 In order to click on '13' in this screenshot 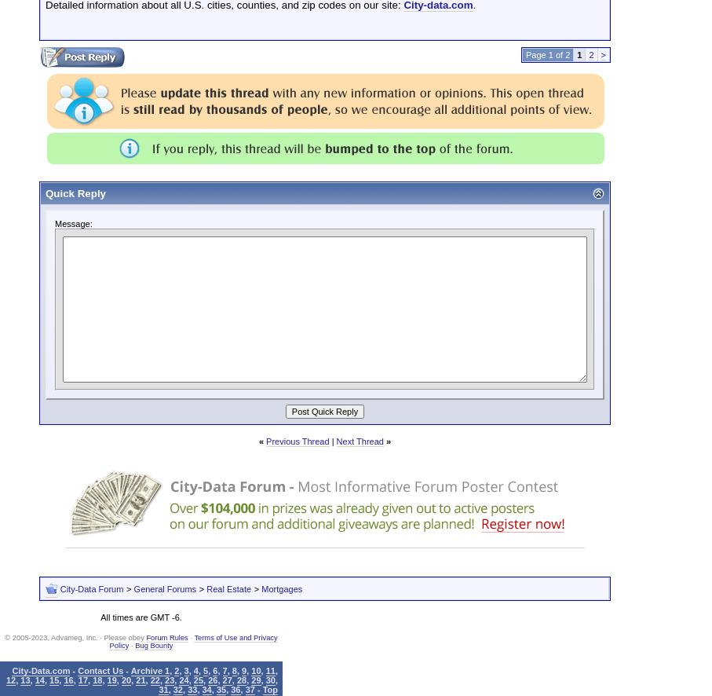, I will do `click(24, 679)`.